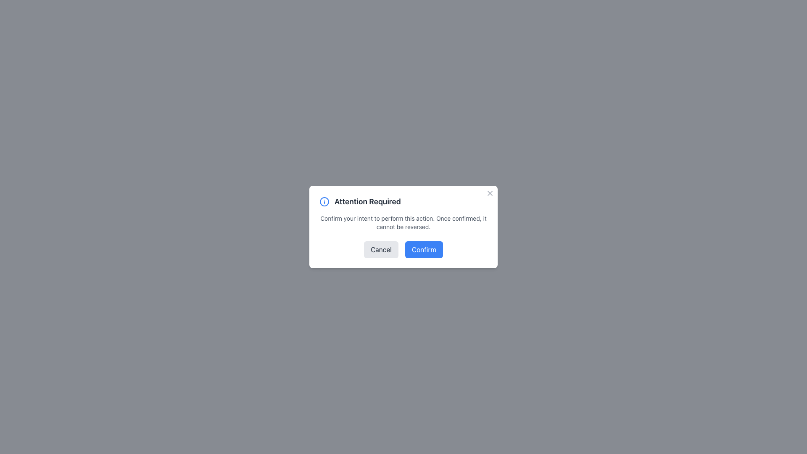 The width and height of the screenshot is (807, 454). I want to click on the 'Cancel' button with a light-gray background and black text to observe the hover effect, so click(381, 249).